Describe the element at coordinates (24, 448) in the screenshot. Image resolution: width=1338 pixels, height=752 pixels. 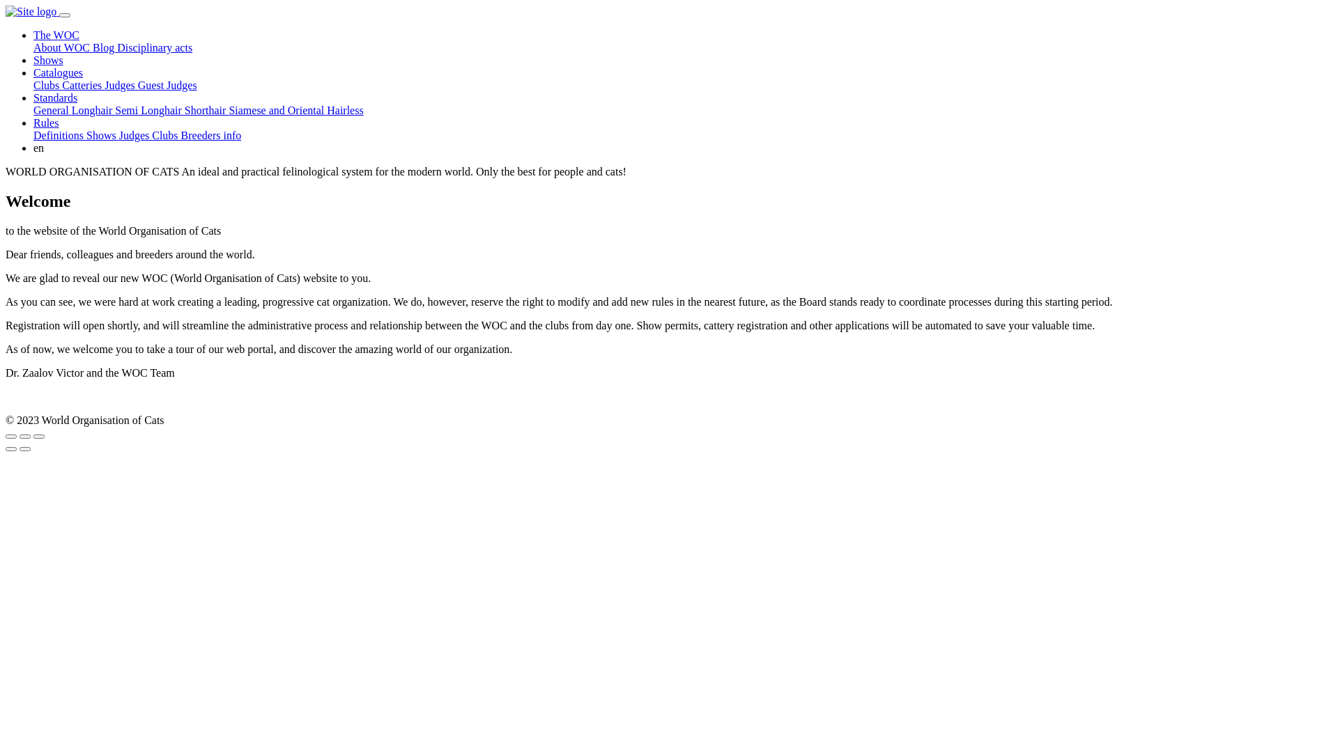
I see `'Next (arrow right)'` at that location.